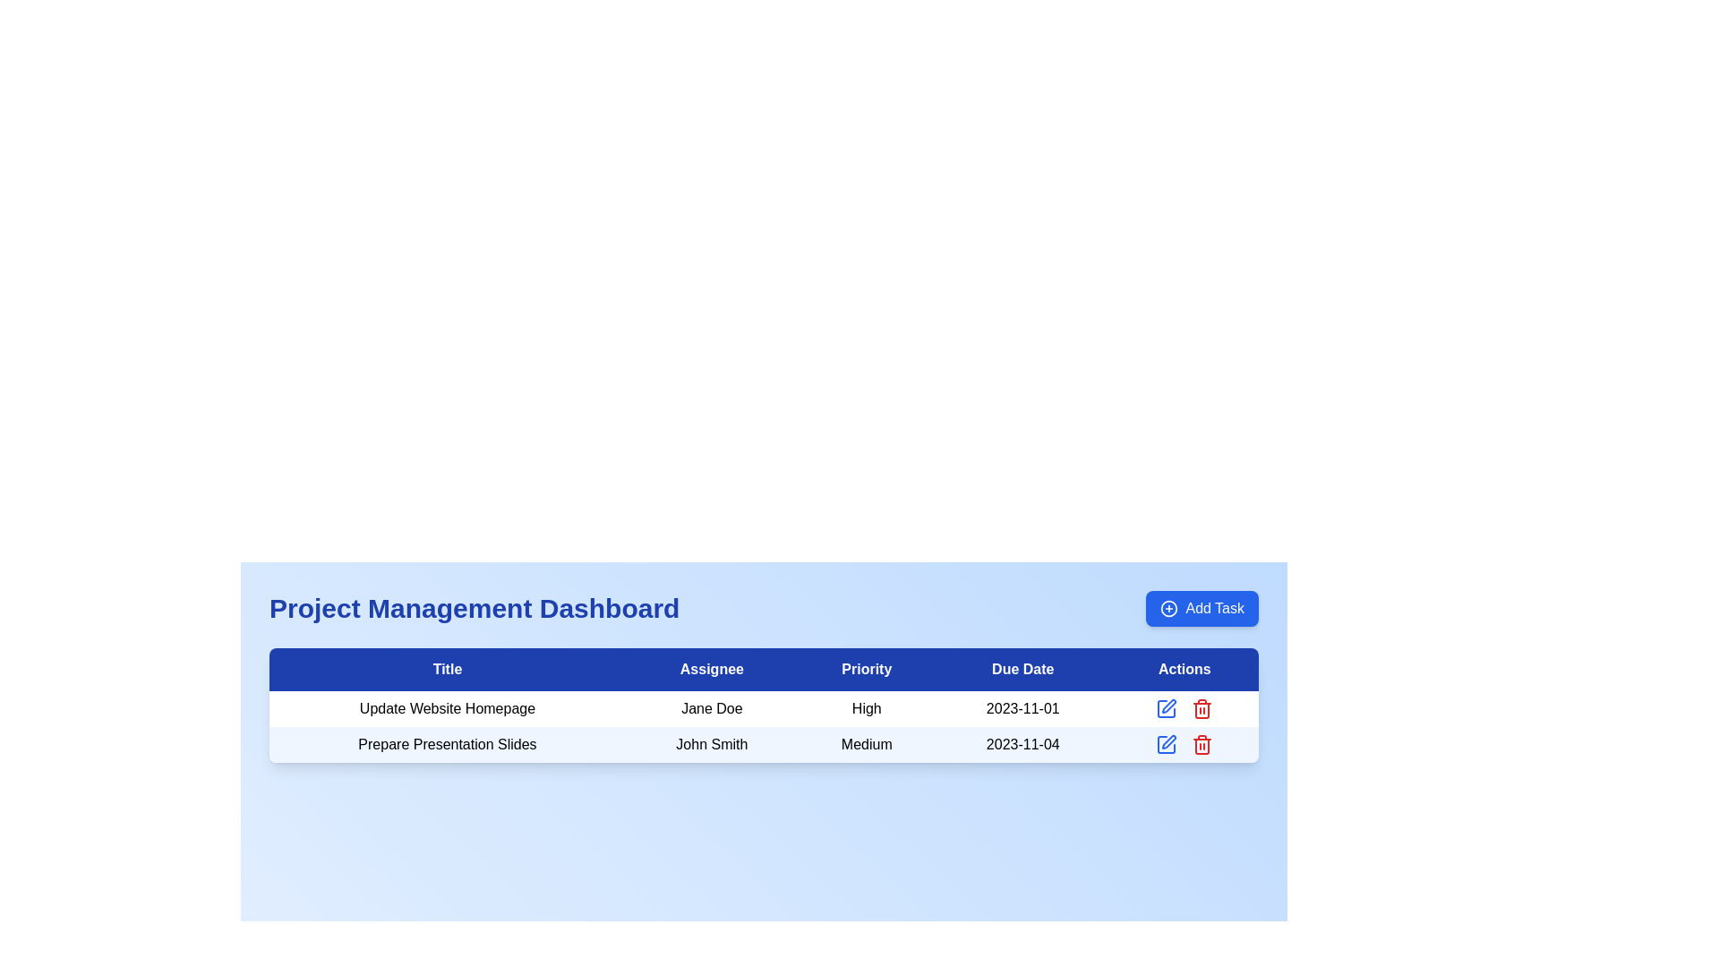  Describe the element at coordinates (1184, 670) in the screenshot. I see `the static text label "Actions" in the table header, which has a solid blue background and centered white text, located as the fifth column header` at that location.